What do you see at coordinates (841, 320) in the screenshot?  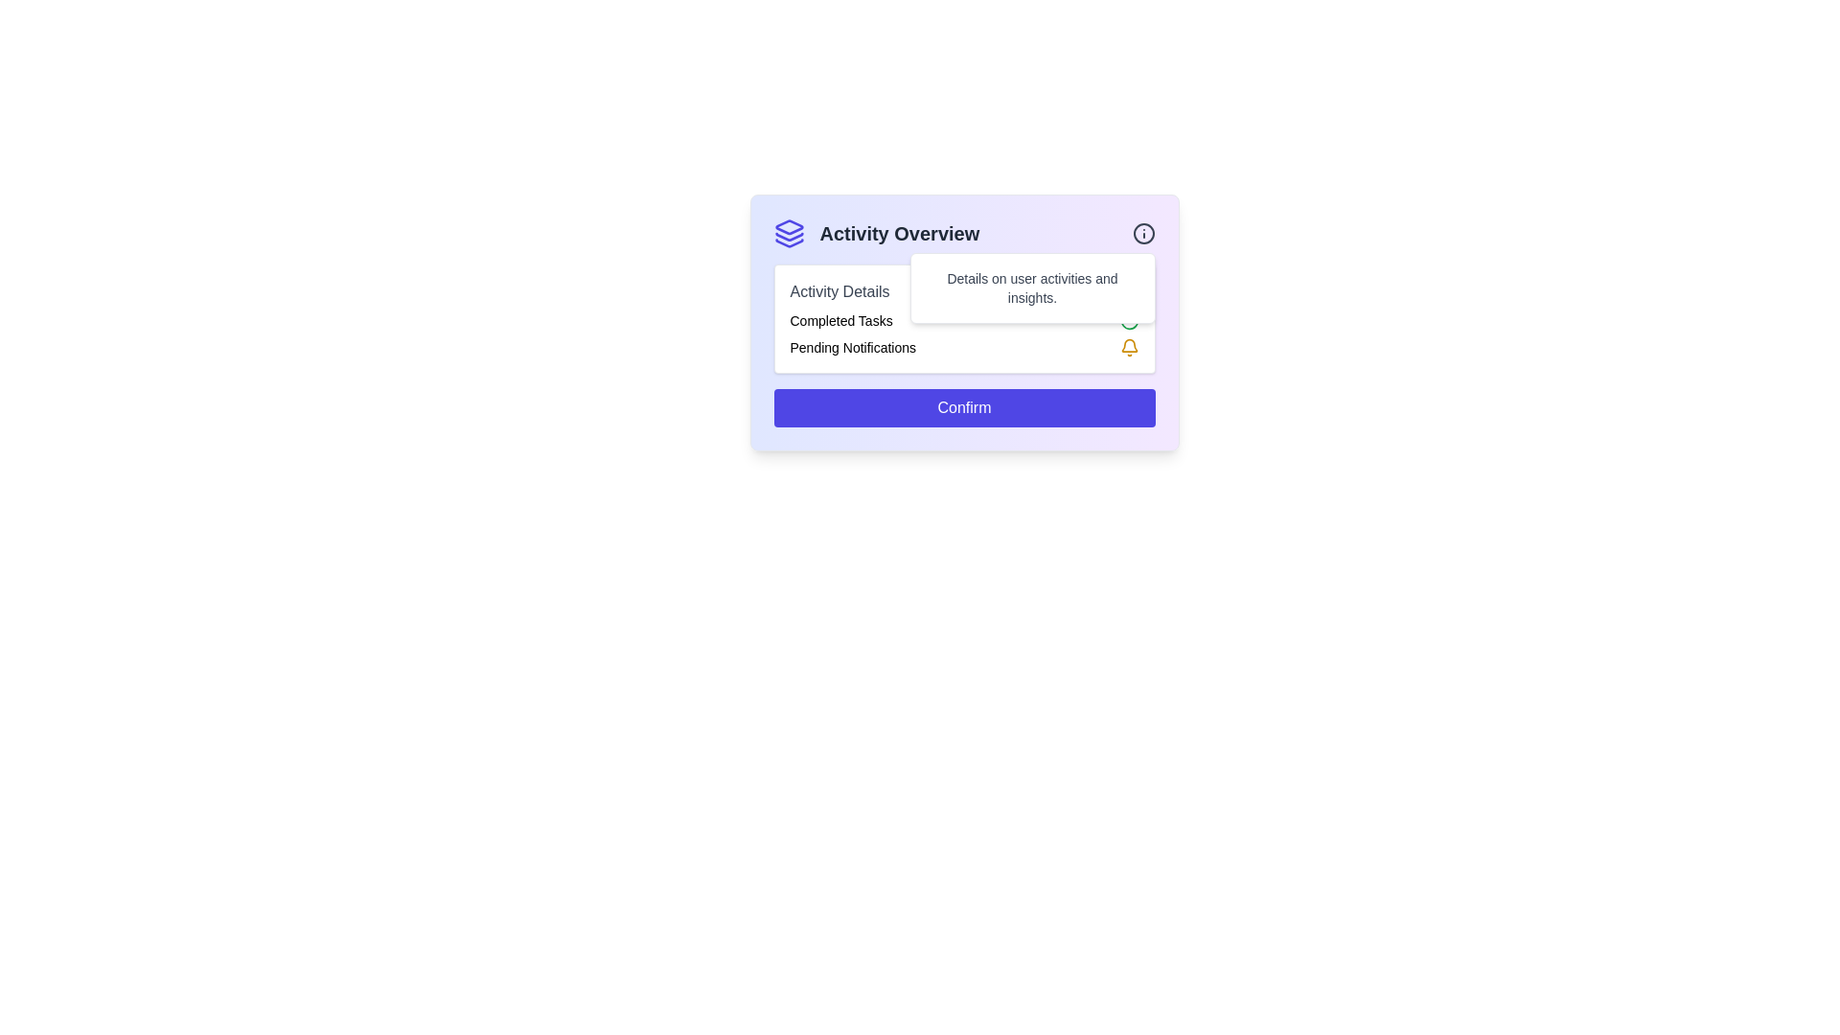 I see `the Text Label that indicates completed tasks in the 'Activity Overview' card, located under 'Activity Details' and above 'Pending Notifications'` at bounding box center [841, 320].